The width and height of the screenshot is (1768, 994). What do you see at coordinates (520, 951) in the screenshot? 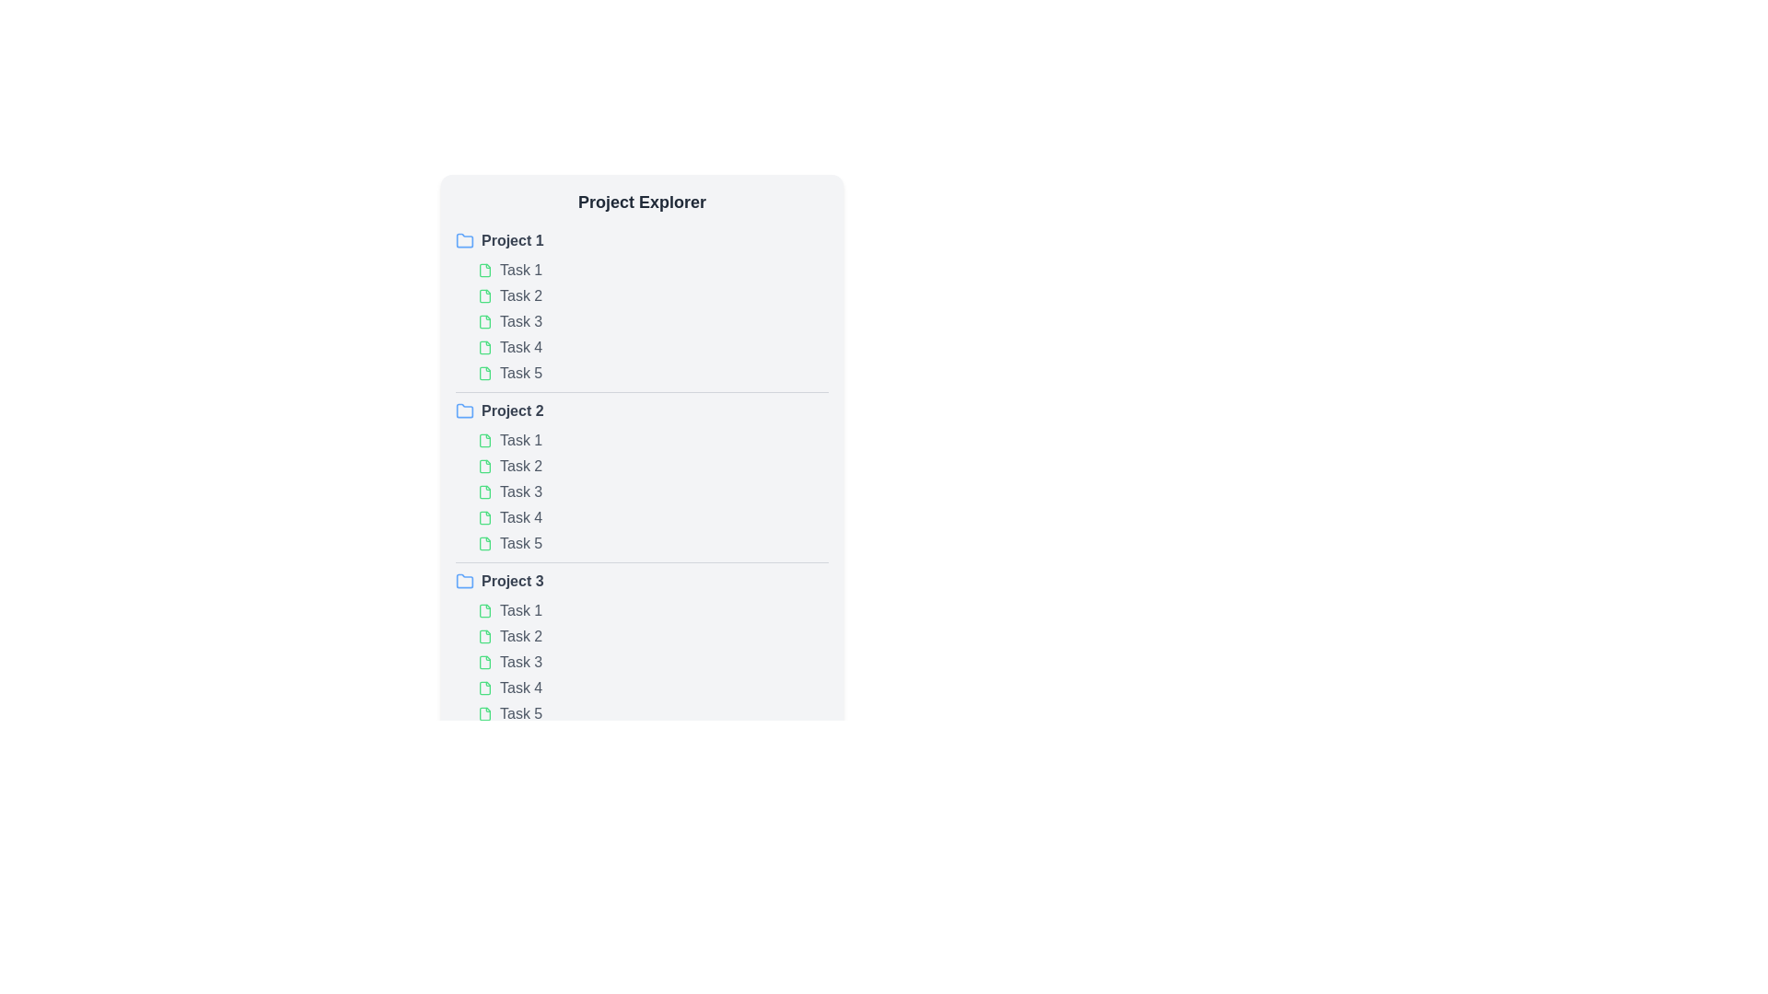
I see `the text label for 'Task 1' located under the 'Project 3' header, which is the first task in Project 3's task list` at bounding box center [520, 951].